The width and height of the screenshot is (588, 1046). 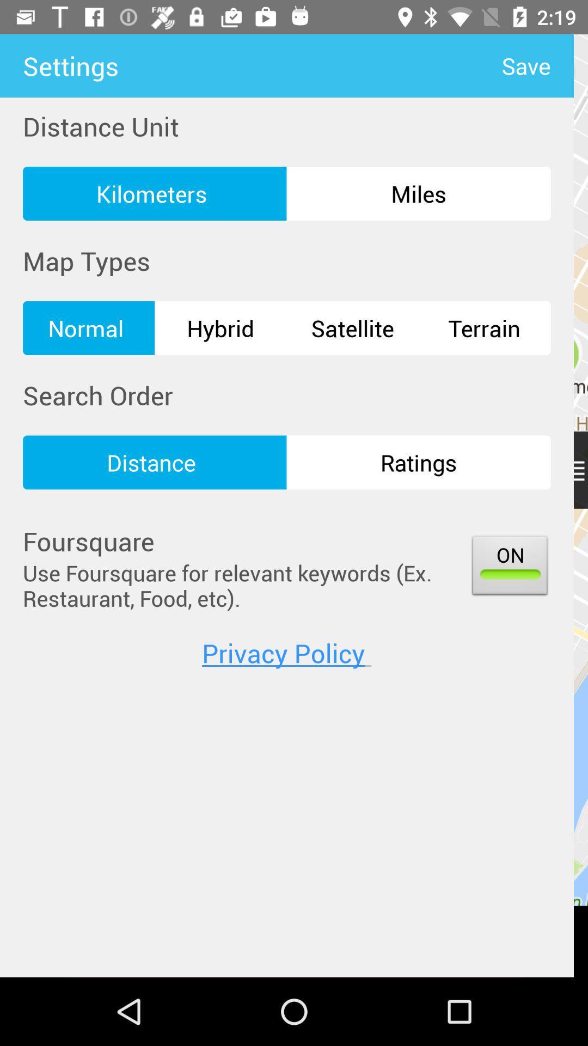 I want to click on the icon next to the satellite icon, so click(x=220, y=327).